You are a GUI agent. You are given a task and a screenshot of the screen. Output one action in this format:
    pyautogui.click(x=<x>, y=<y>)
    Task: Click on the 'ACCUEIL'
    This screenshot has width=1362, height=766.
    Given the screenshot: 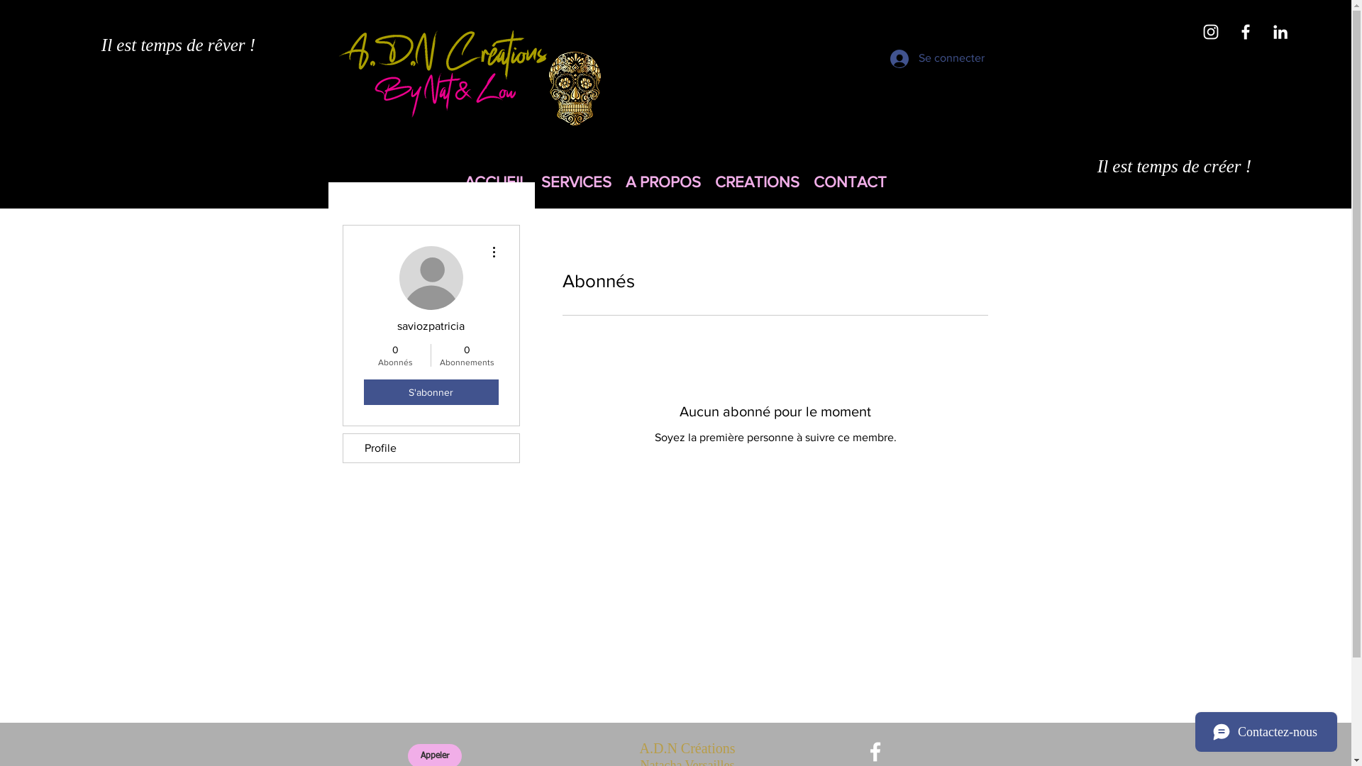 What is the action you would take?
    pyautogui.click(x=496, y=181)
    